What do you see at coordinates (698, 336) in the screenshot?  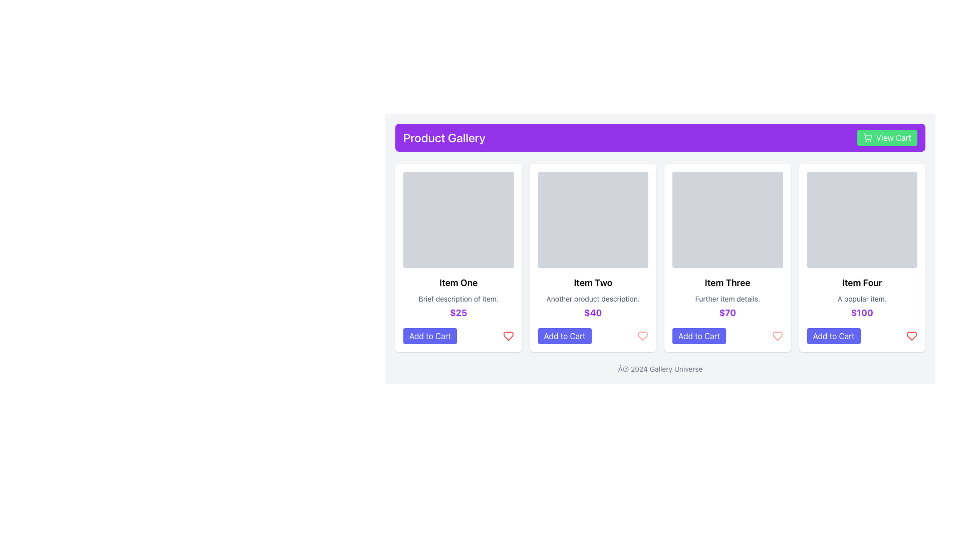 I see `the 'Add to Cart' button with a vibrant indigo background located at the bottom of the third card in the grid layout` at bounding box center [698, 336].